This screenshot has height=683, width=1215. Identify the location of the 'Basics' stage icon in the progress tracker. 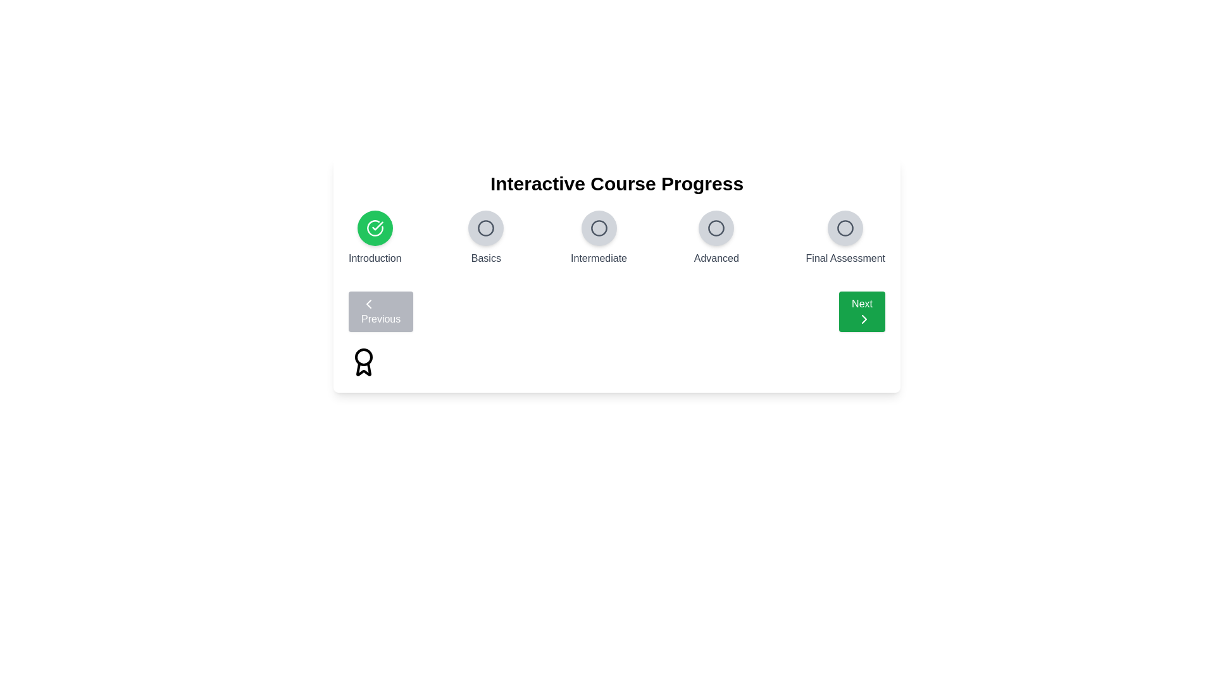
(485, 228).